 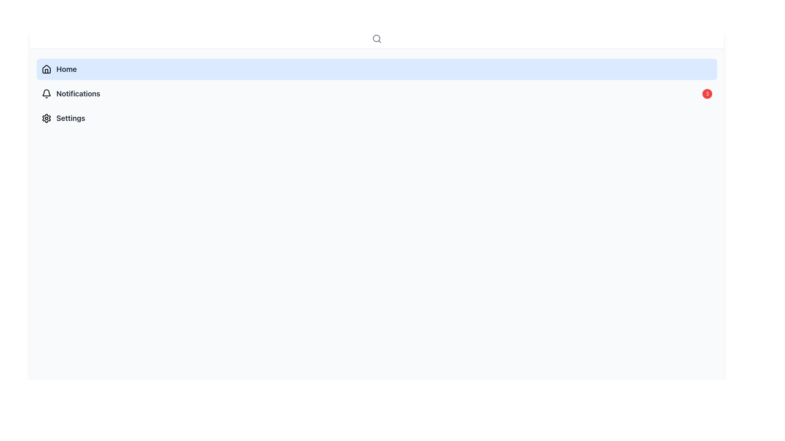 What do you see at coordinates (46, 69) in the screenshot?
I see `the small black house icon located to the left of the 'Home' label` at bounding box center [46, 69].